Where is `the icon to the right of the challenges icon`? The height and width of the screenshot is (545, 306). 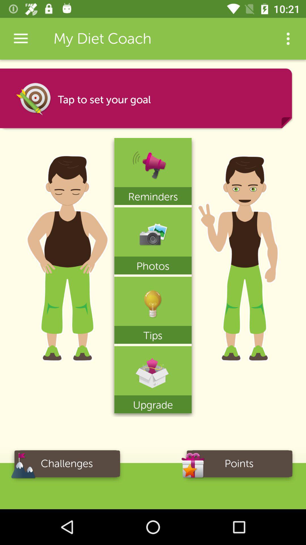
the icon to the right of the challenges icon is located at coordinates (239, 466).